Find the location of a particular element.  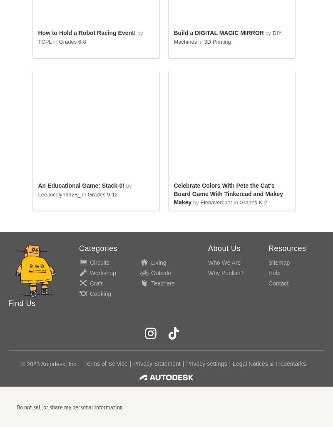

'Do not sell or share my personal information' is located at coordinates (70, 406).